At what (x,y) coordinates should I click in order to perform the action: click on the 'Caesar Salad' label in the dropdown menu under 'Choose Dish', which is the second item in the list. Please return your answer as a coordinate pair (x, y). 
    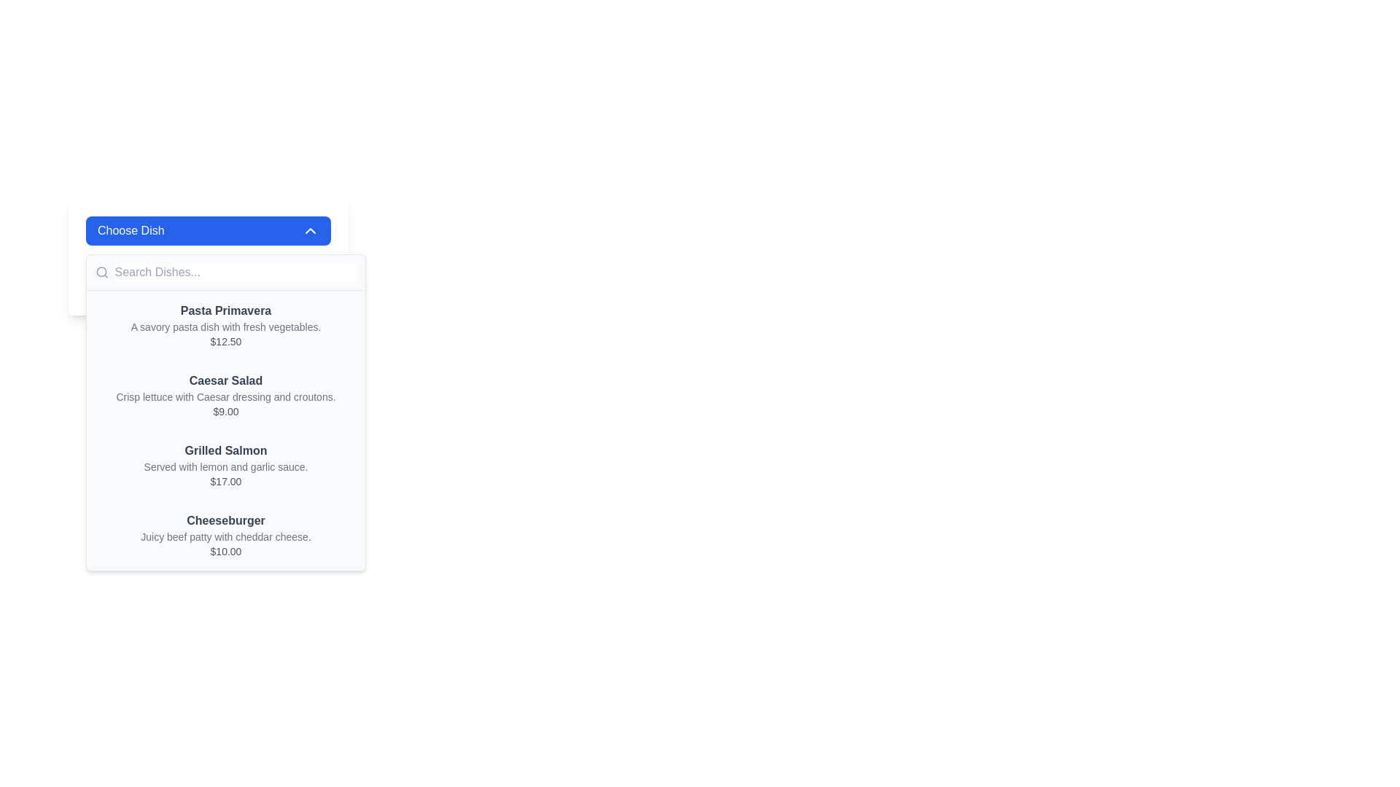
    Looking at the image, I should click on (225, 380).